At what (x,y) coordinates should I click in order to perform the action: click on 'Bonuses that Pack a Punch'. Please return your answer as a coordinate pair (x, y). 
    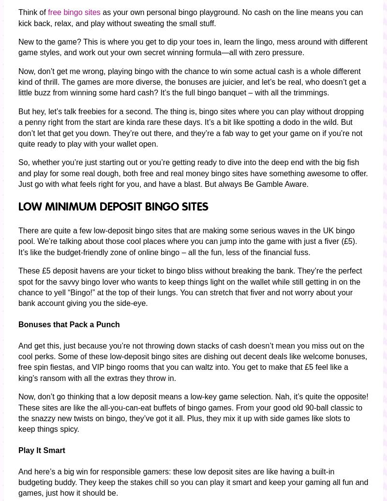
    Looking at the image, I should click on (69, 323).